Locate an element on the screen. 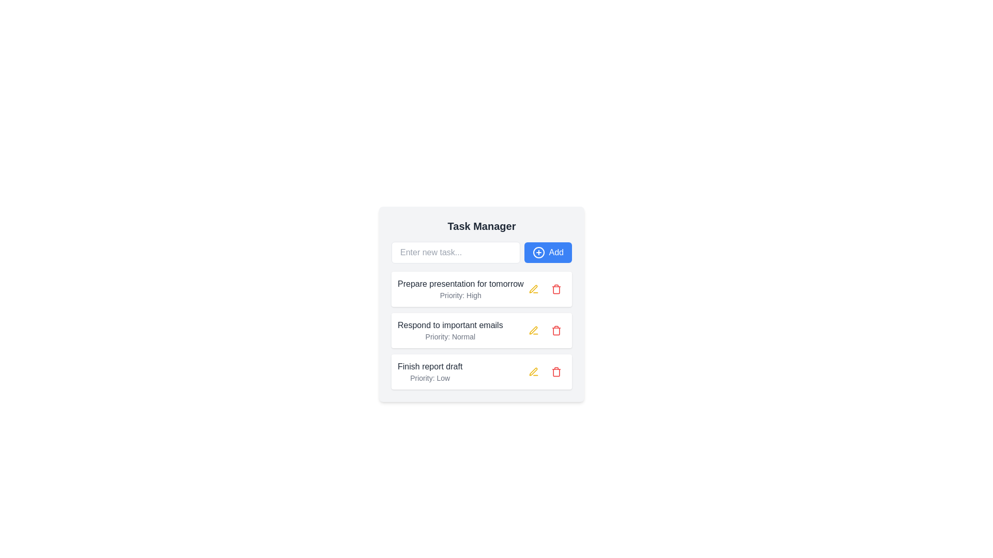 The height and width of the screenshot is (558, 993). the edit icon button located to the right of the task title is located at coordinates (534, 289).